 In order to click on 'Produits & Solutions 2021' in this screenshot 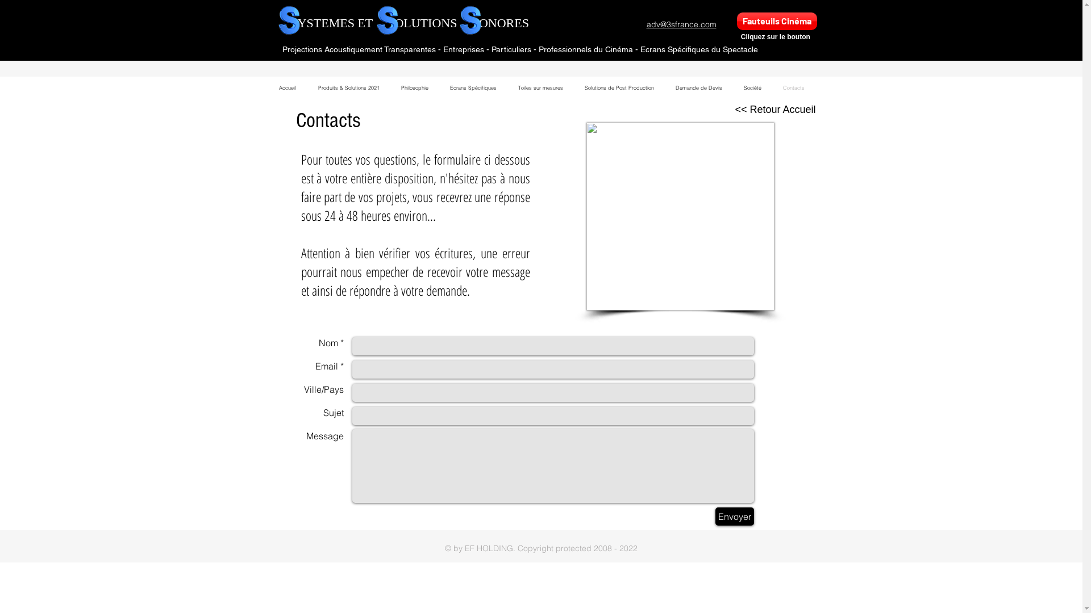, I will do `click(348, 87)`.